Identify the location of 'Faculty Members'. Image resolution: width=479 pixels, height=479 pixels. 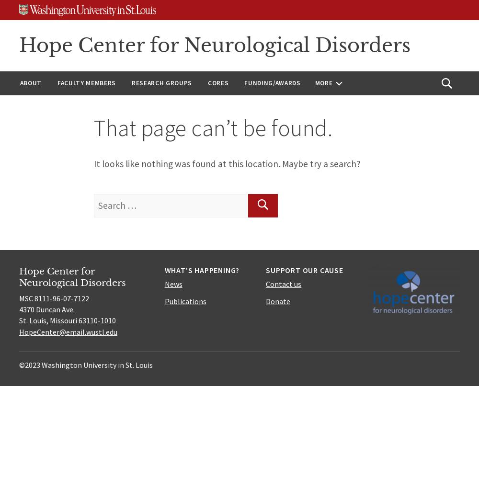
(57, 83).